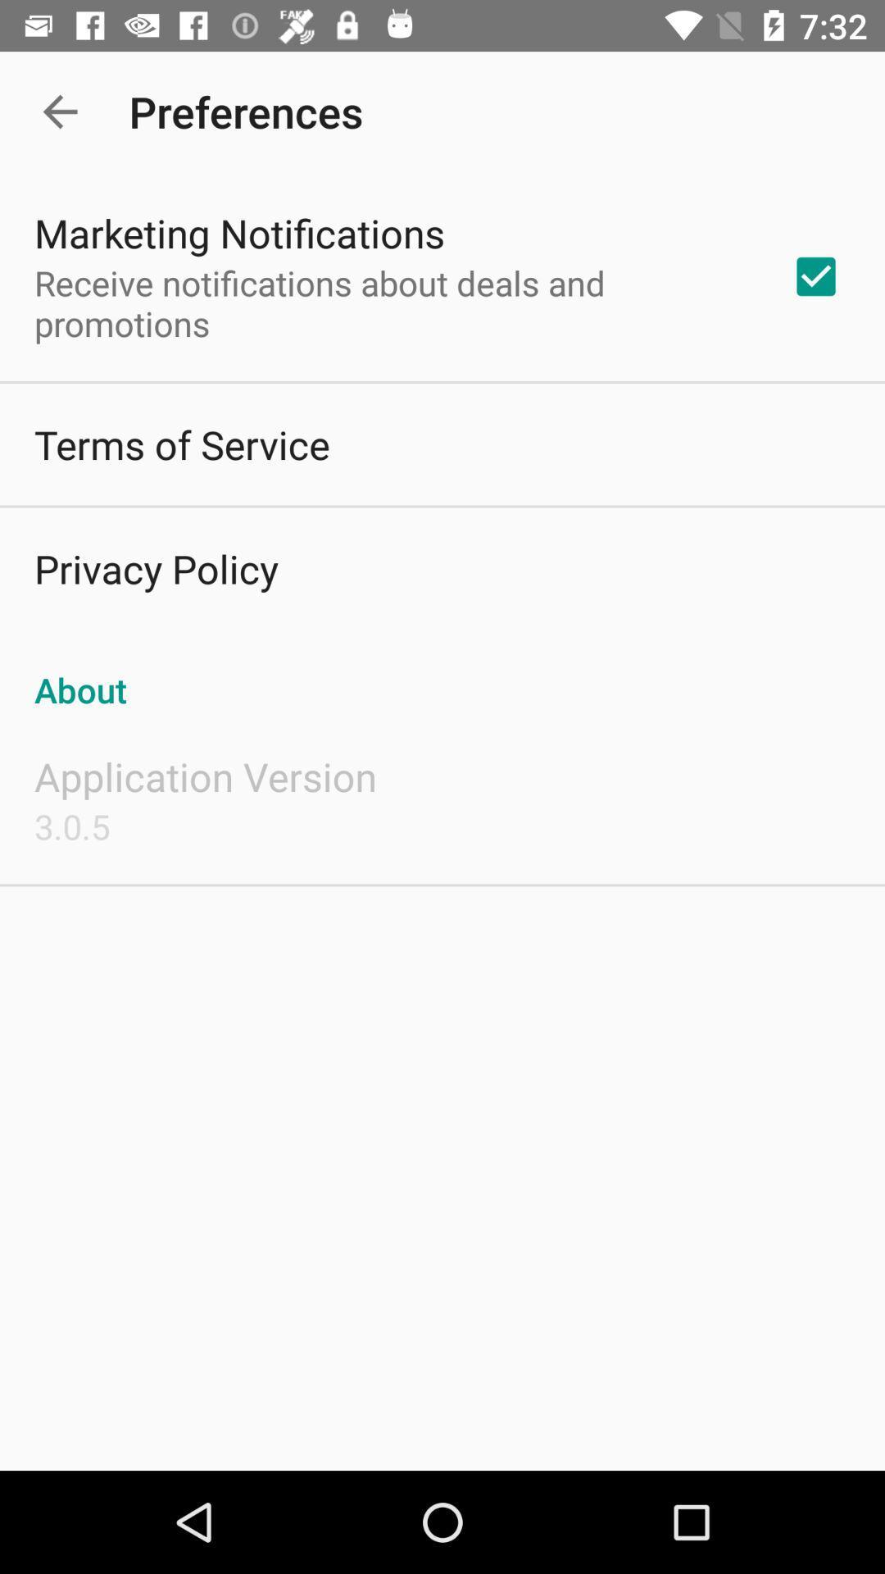 Image resolution: width=885 pixels, height=1574 pixels. Describe the element at coordinates (391, 303) in the screenshot. I see `receive notifications about` at that location.